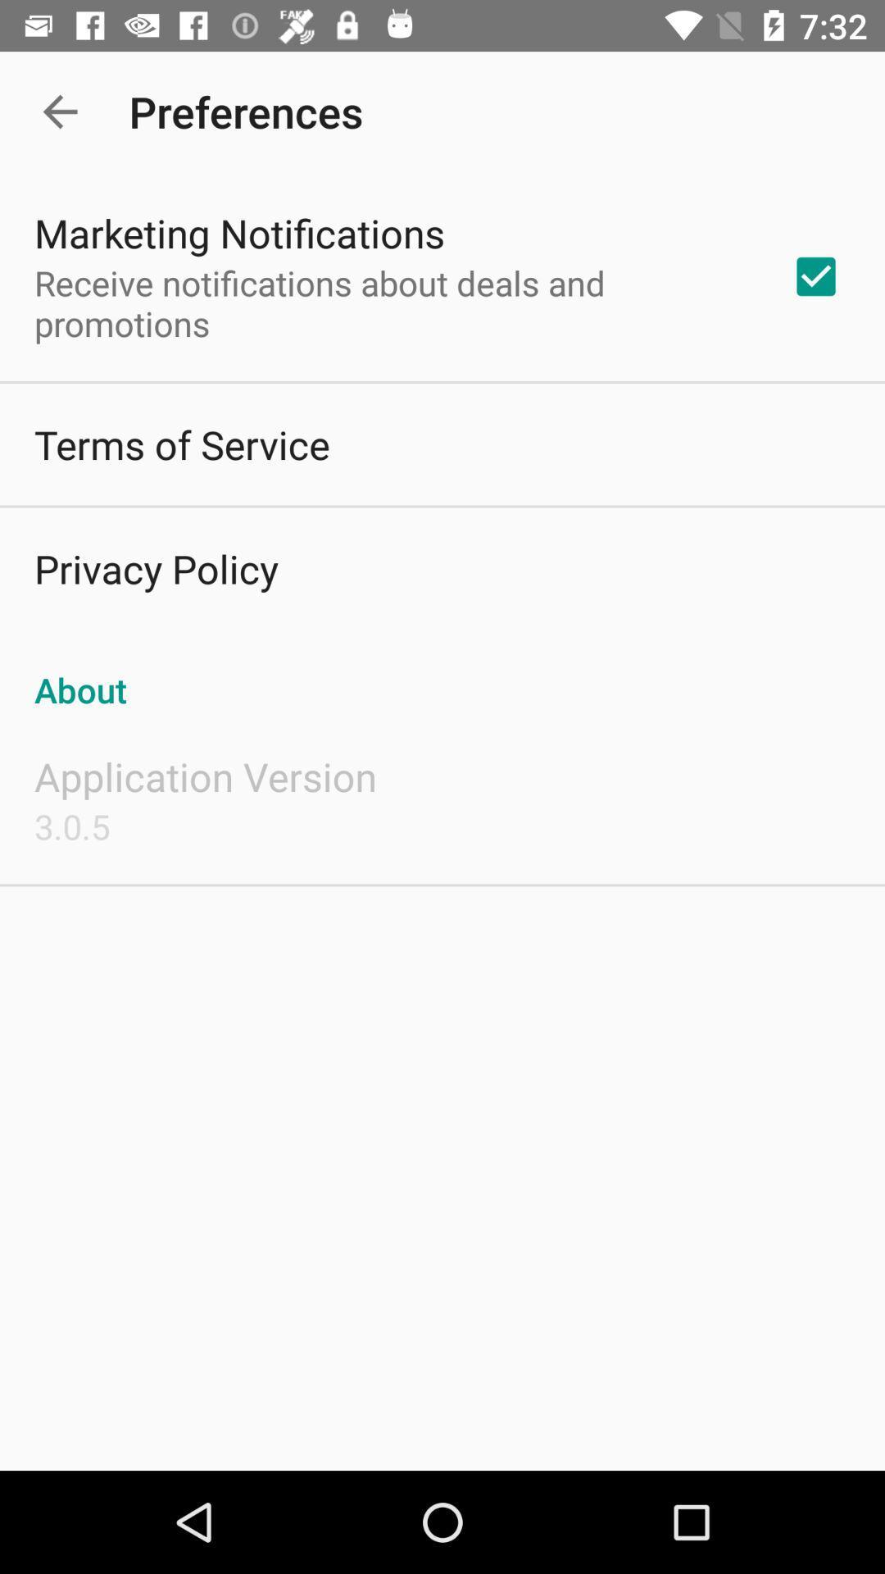 Image resolution: width=885 pixels, height=1574 pixels. Describe the element at coordinates (391, 303) in the screenshot. I see `receive notifications about` at that location.